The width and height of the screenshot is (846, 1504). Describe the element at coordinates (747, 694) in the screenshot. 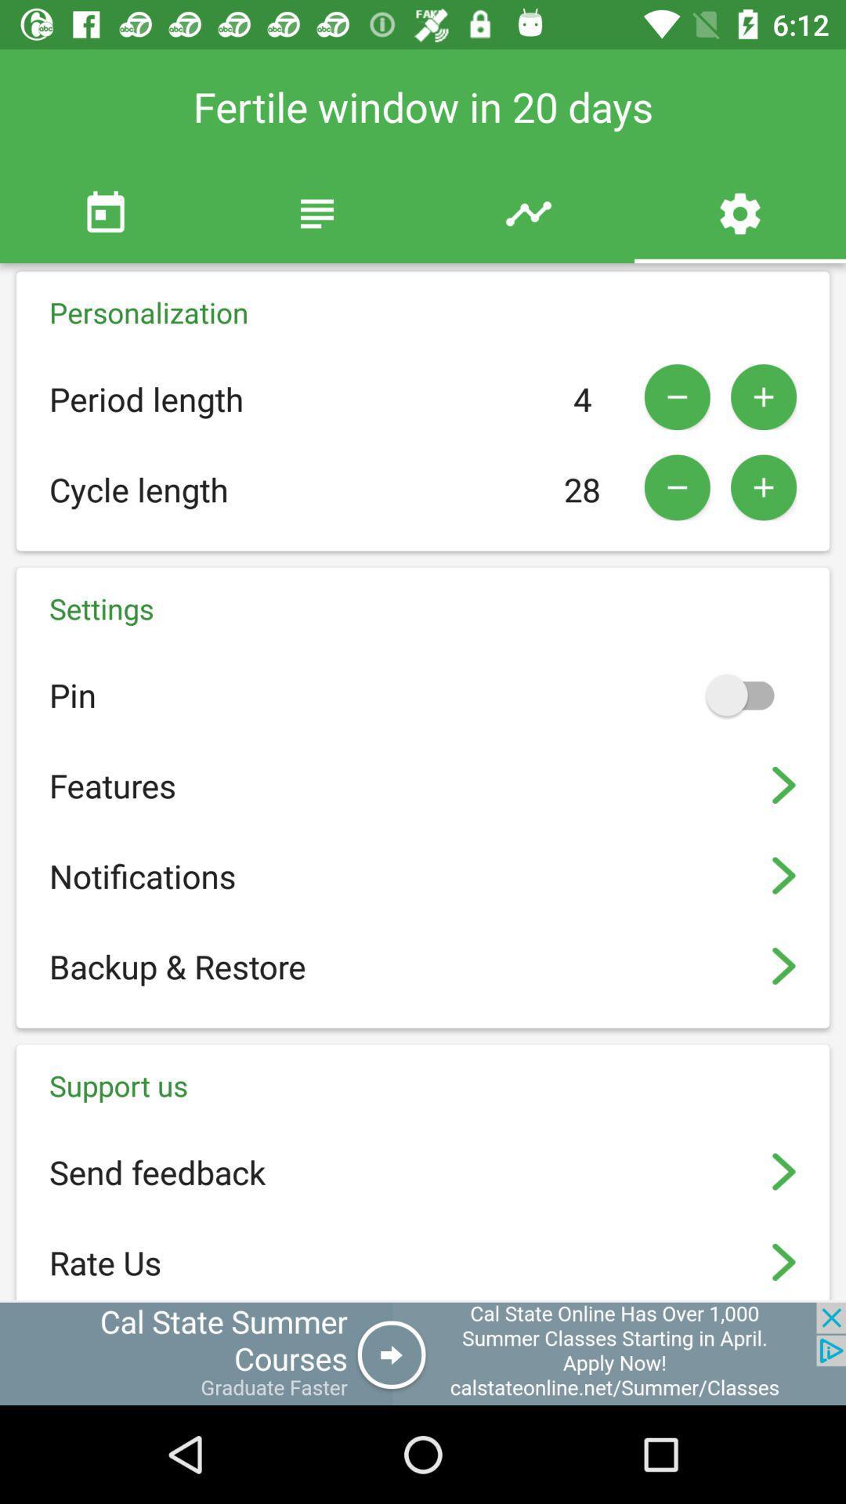

I see `switch for security pin` at that location.